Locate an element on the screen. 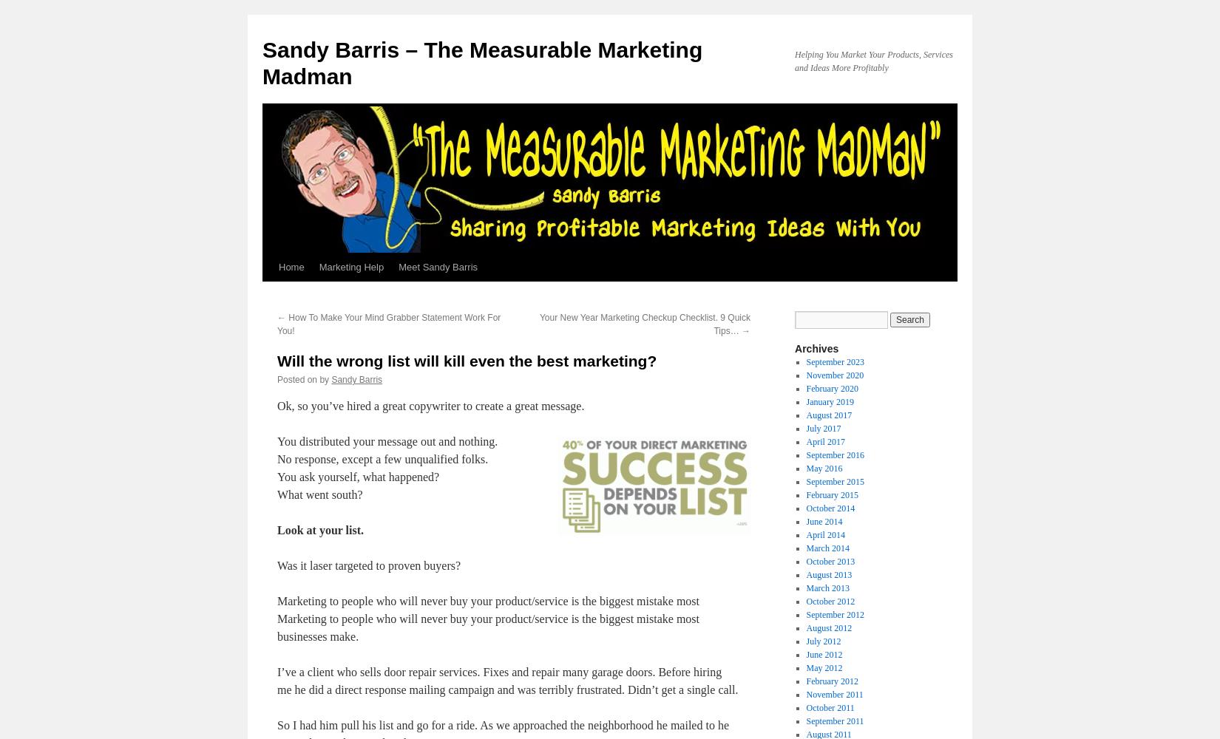 The width and height of the screenshot is (1220, 739). 'April 2014' is located at coordinates (825, 534).